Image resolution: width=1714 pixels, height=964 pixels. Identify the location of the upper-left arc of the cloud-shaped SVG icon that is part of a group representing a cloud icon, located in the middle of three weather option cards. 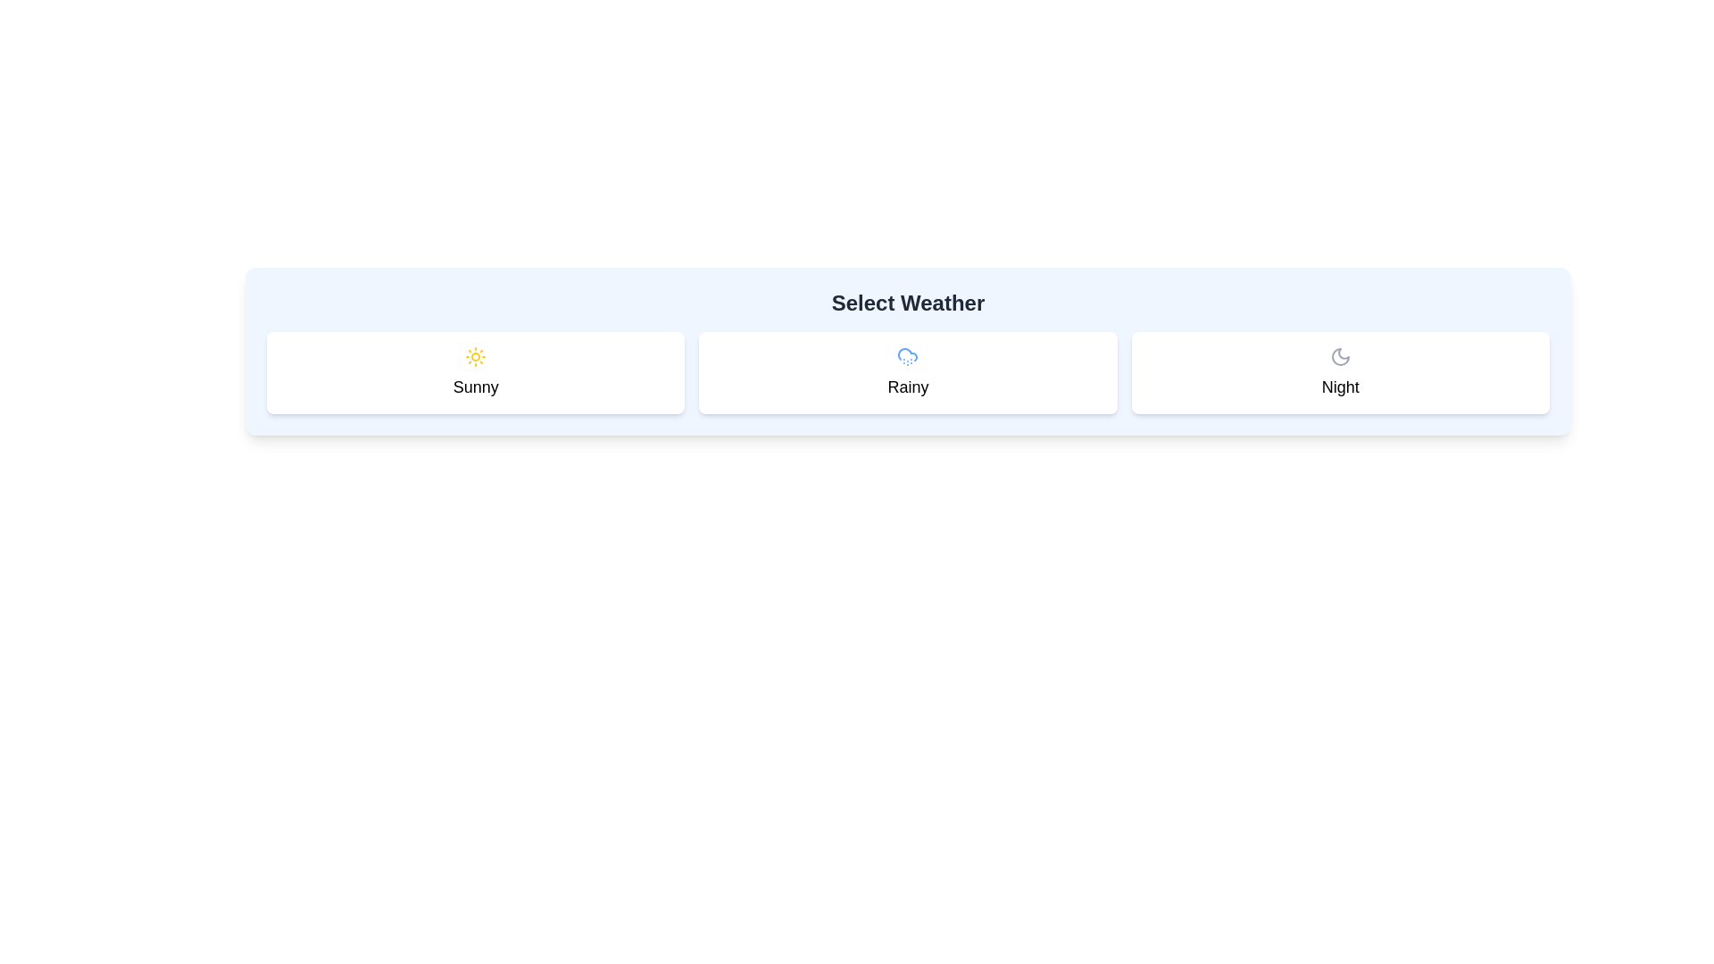
(908, 354).